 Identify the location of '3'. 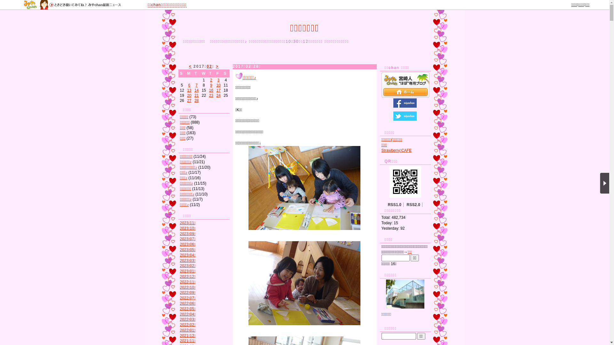
(218, 80).